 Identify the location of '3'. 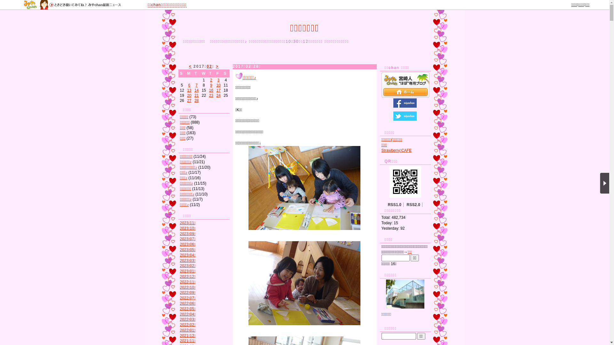
(218, 80).